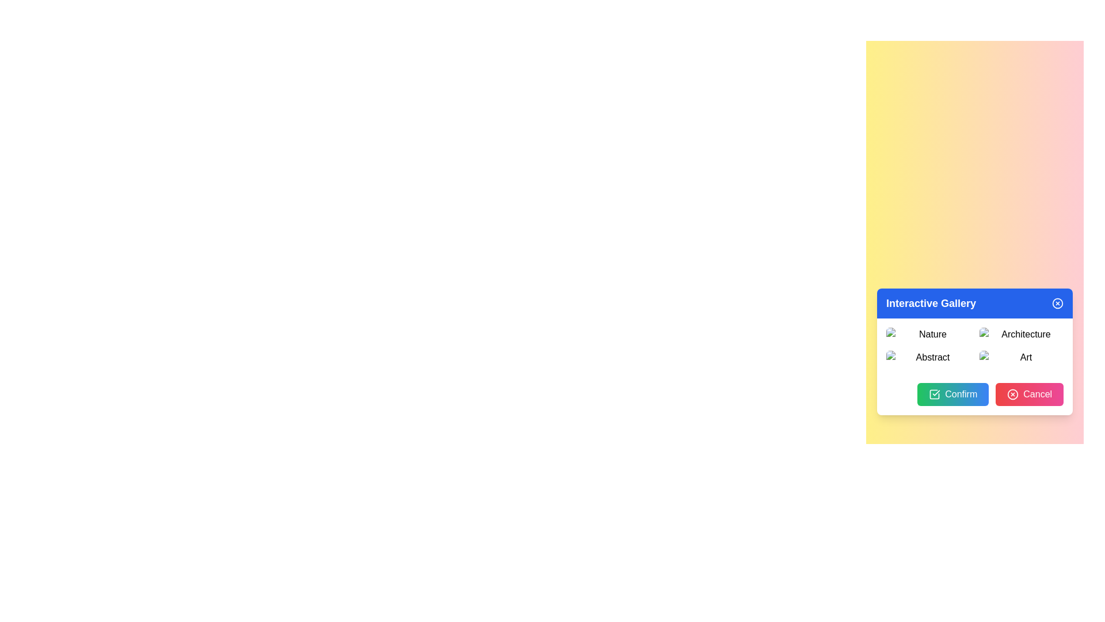 The width and height of the screenshot is (1105, 622). What do you see at coordinates (1022, 335) in the screenshot?
I see `the Gallery item labeled 'Architecture', which is the second item in the grid layout` at bounding box center [1022, 335].